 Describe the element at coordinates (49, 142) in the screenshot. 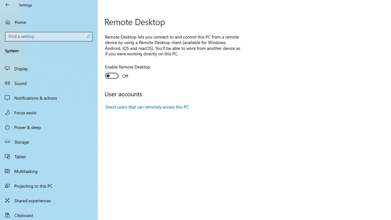

I see `'Storage'` at that location.